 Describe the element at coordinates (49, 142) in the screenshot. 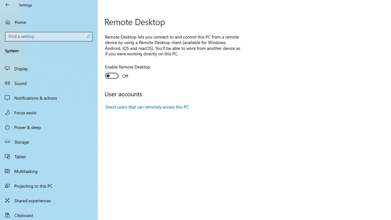

I see `'Storage'` at that location.